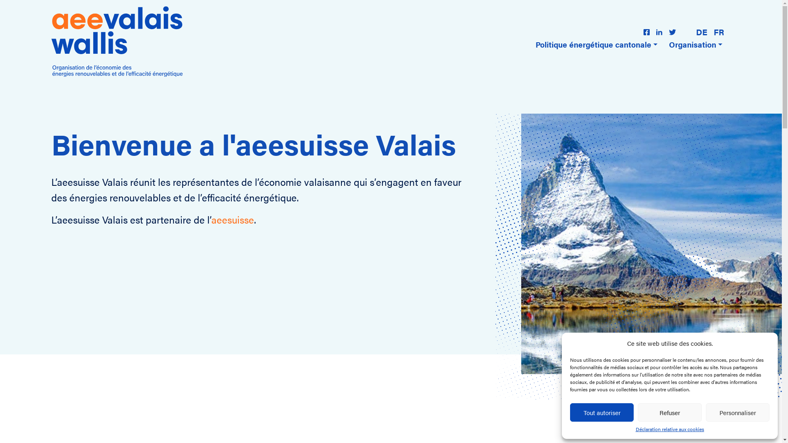 Image resolution: width=788 pixels, height=443 pixels. Describe the element at coordinates (672, 32) in the screenshot. I see `'logo-twitter'` at that location.